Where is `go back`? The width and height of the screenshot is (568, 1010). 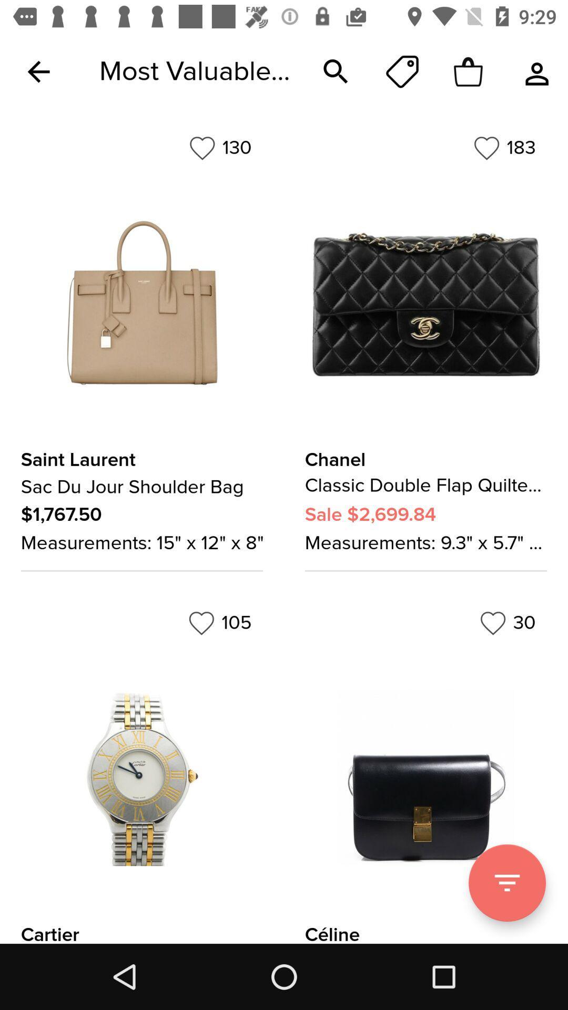
go back is located at coordinates (38, 71).